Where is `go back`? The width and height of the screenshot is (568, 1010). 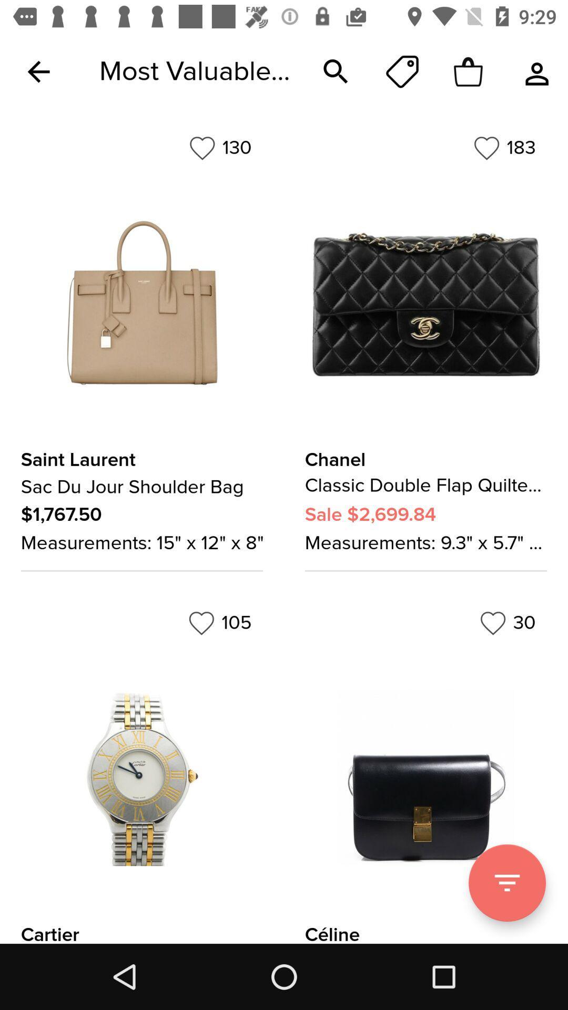
go back is located at coordinates (38, 71).